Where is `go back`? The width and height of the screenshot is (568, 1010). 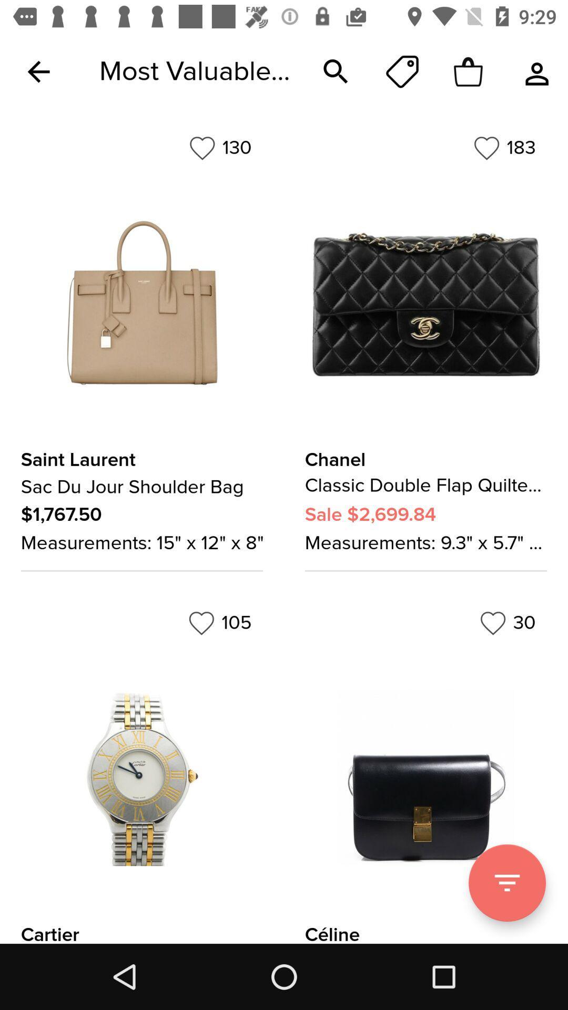
go back is located at coordinates (38, 71).